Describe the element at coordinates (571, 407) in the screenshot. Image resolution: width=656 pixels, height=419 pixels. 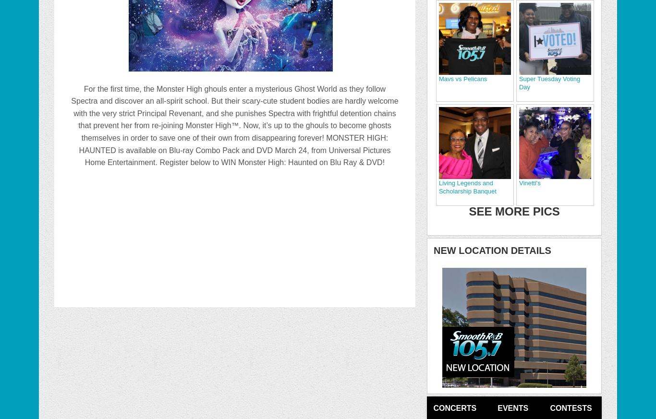
I see `'CONTESTS'` at that location.